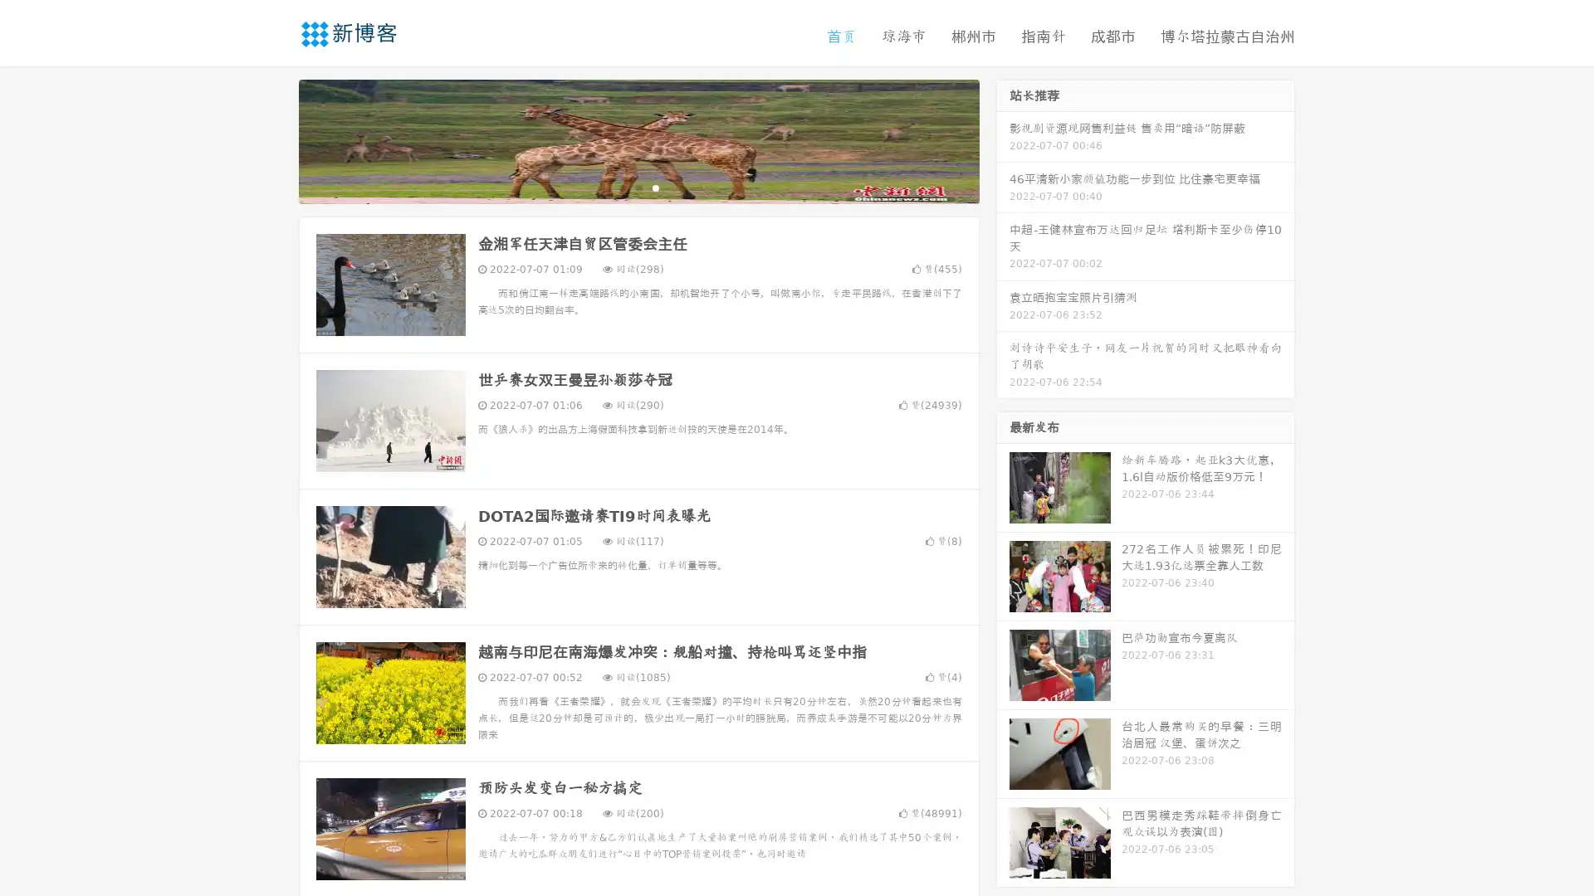  What do you see at coordinates (274, 139) in the screenshot?
I see `Previous slide` at bounding box center [274, 139].